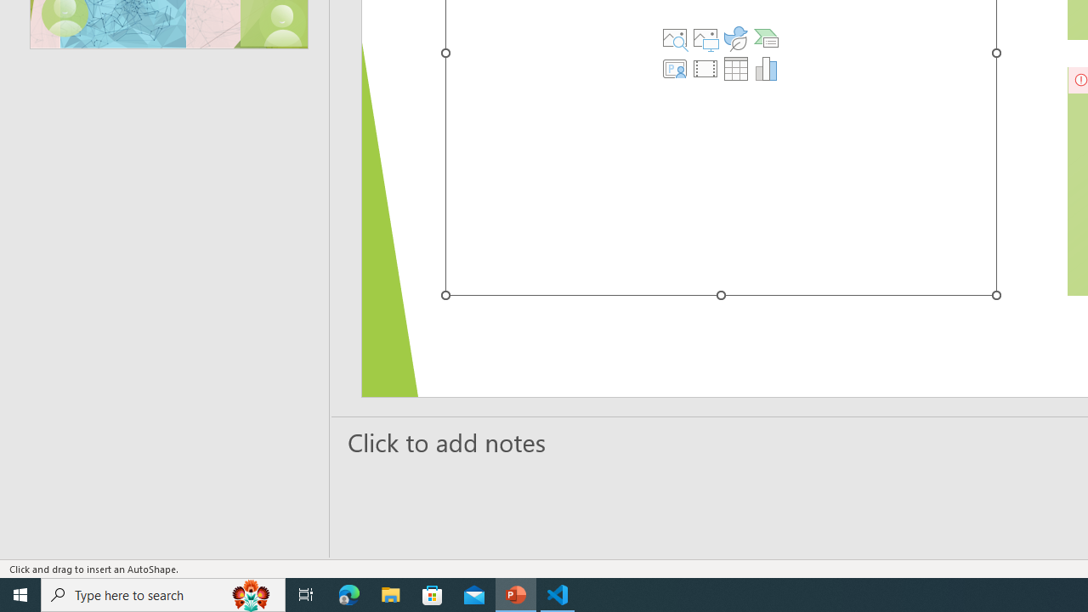  Describe the element at coordinates (765, 38) in the screenshot. I see `'Insert a SmartArt Graphic'` at that location.